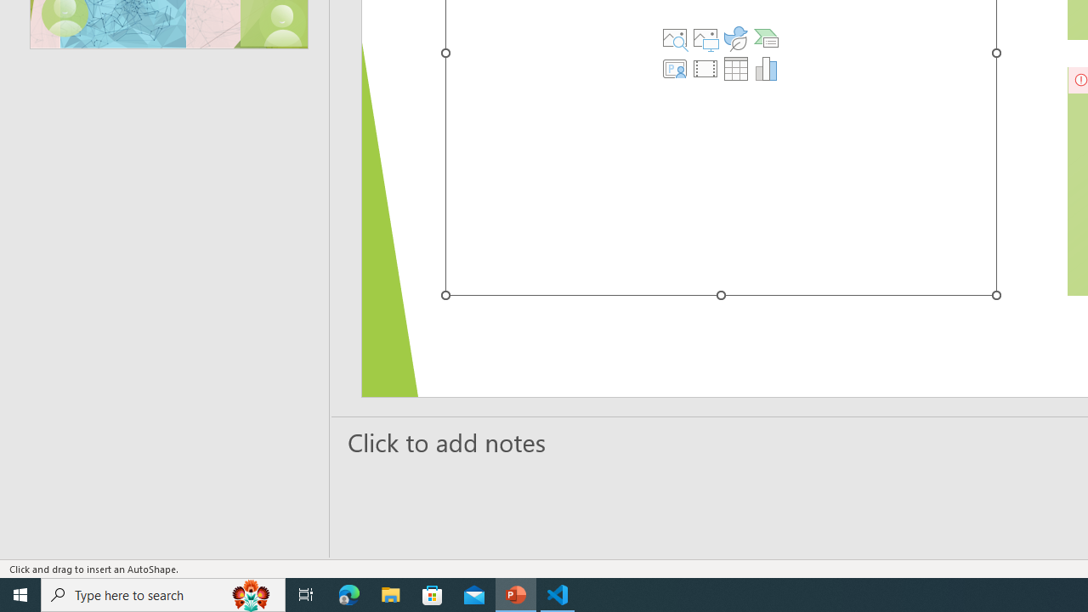  Describe the element at coordinates (765, 38) in the screenshot. I see `'Insert a SmartArt Graphic'` at that location.